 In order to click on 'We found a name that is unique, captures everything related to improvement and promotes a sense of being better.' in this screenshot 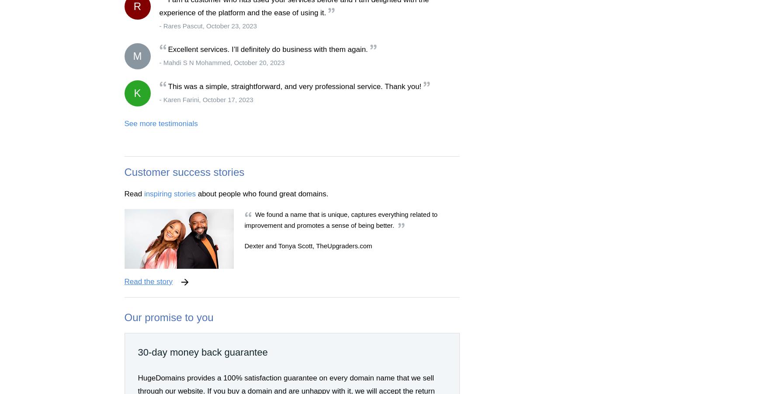, I will do `click(340, 219)`.